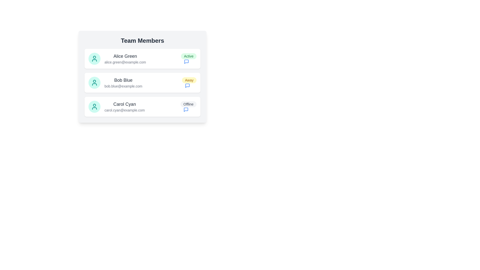  Describe the element at coordinates (188, 104) in the screenshot. I see `the status indicator label showing that 'Carol Cyan' is offline, located to the right of her name in the 'Team Members' list` at that location.